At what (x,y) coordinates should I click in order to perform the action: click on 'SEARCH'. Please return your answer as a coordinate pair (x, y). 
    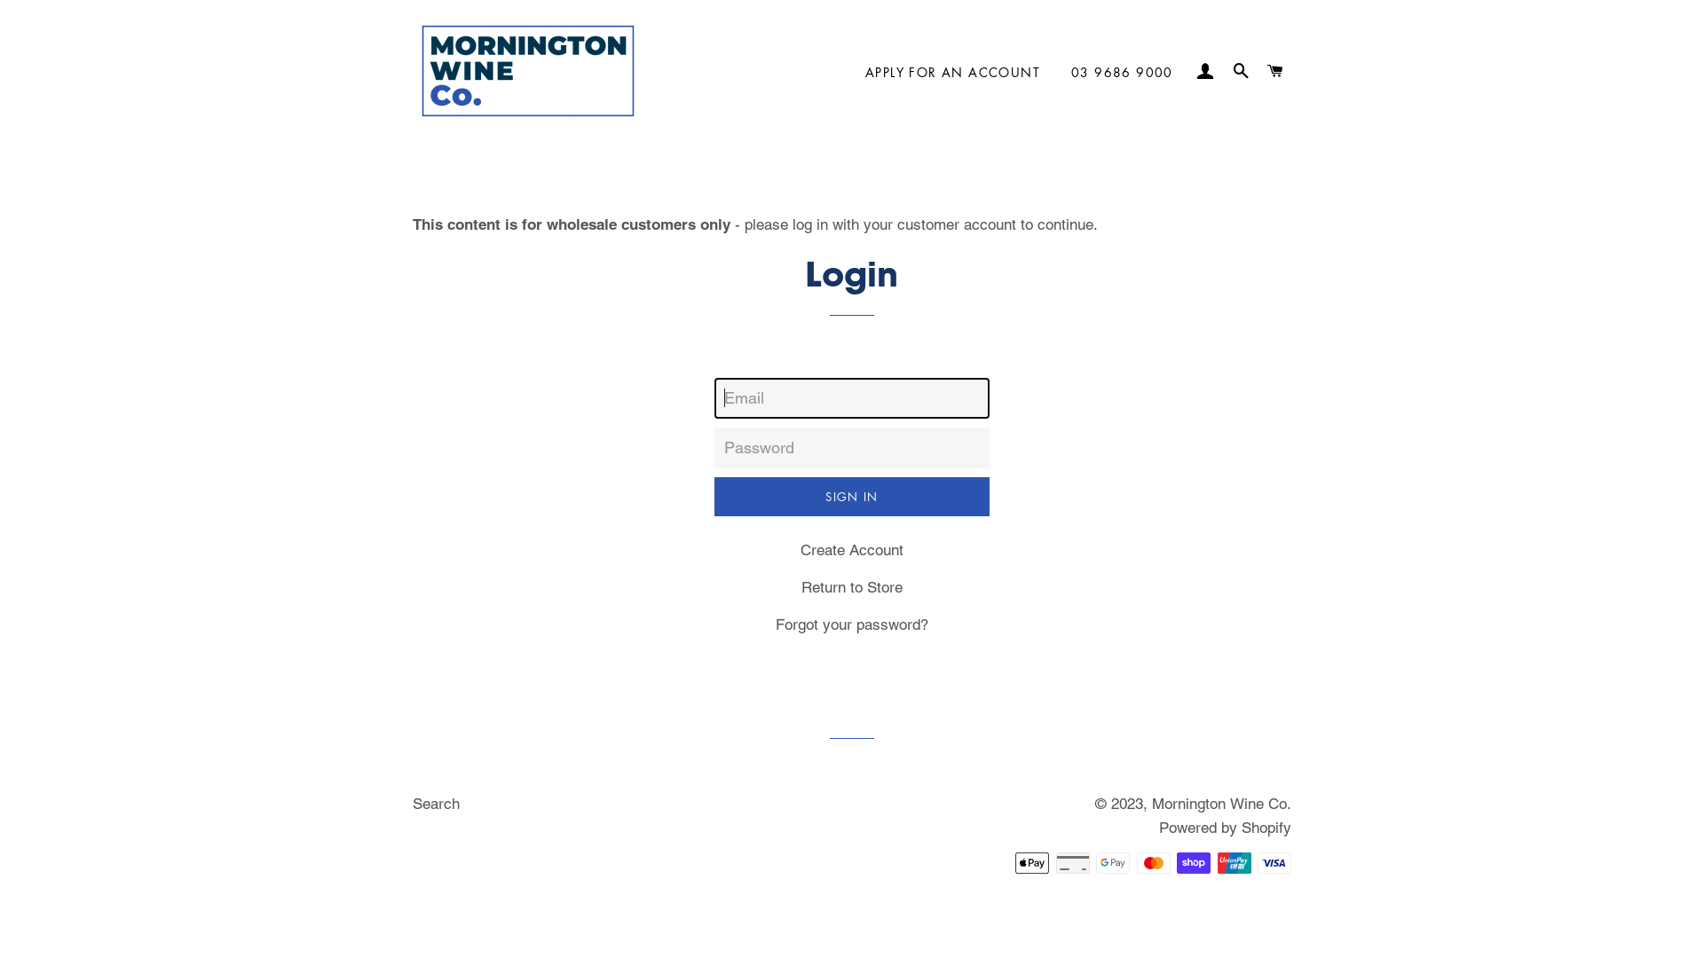
    Looking at the image, I should click on (1239, 70).